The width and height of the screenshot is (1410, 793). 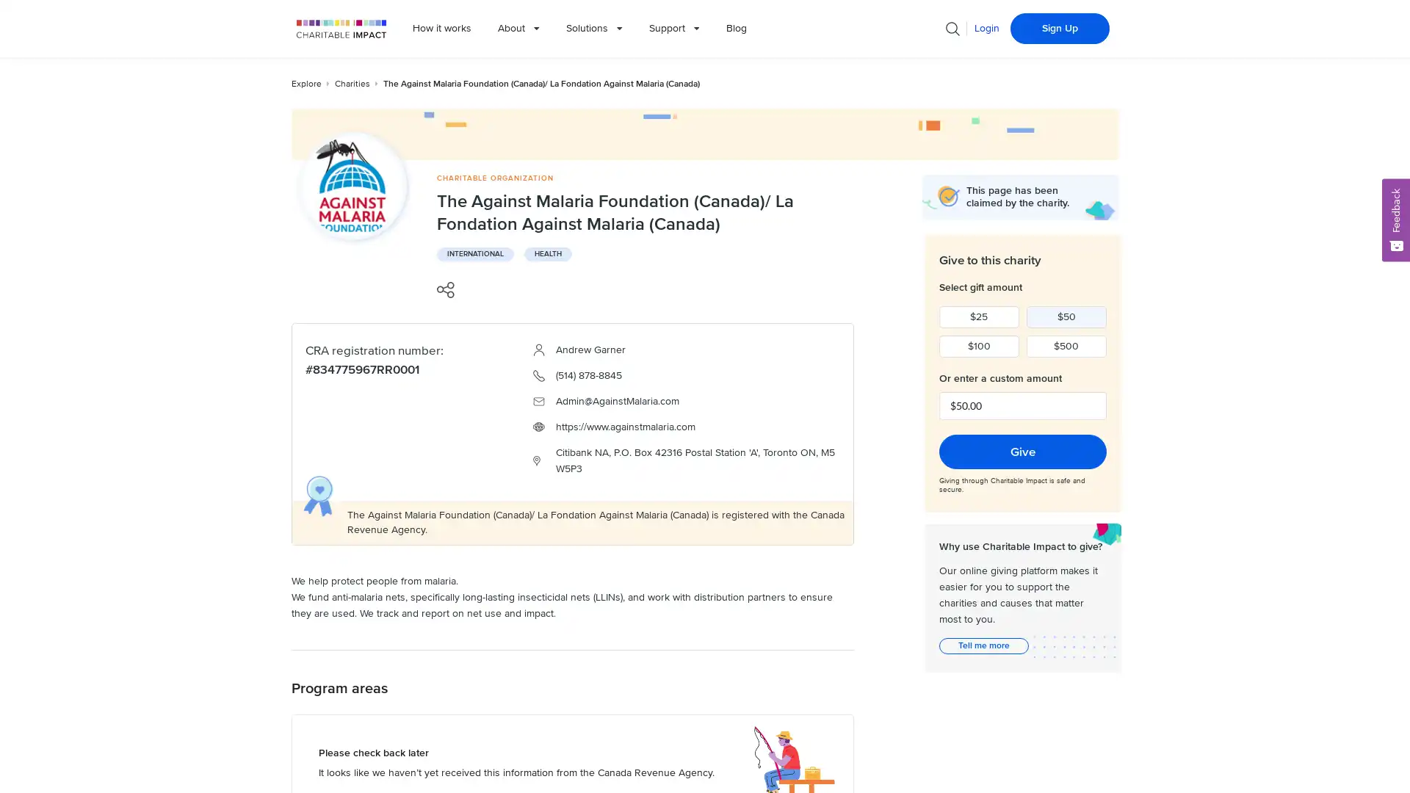 What do you see at coordinates (1022, 450) in the screenshot?
I see `Give` at bounding box center [1022, 450].